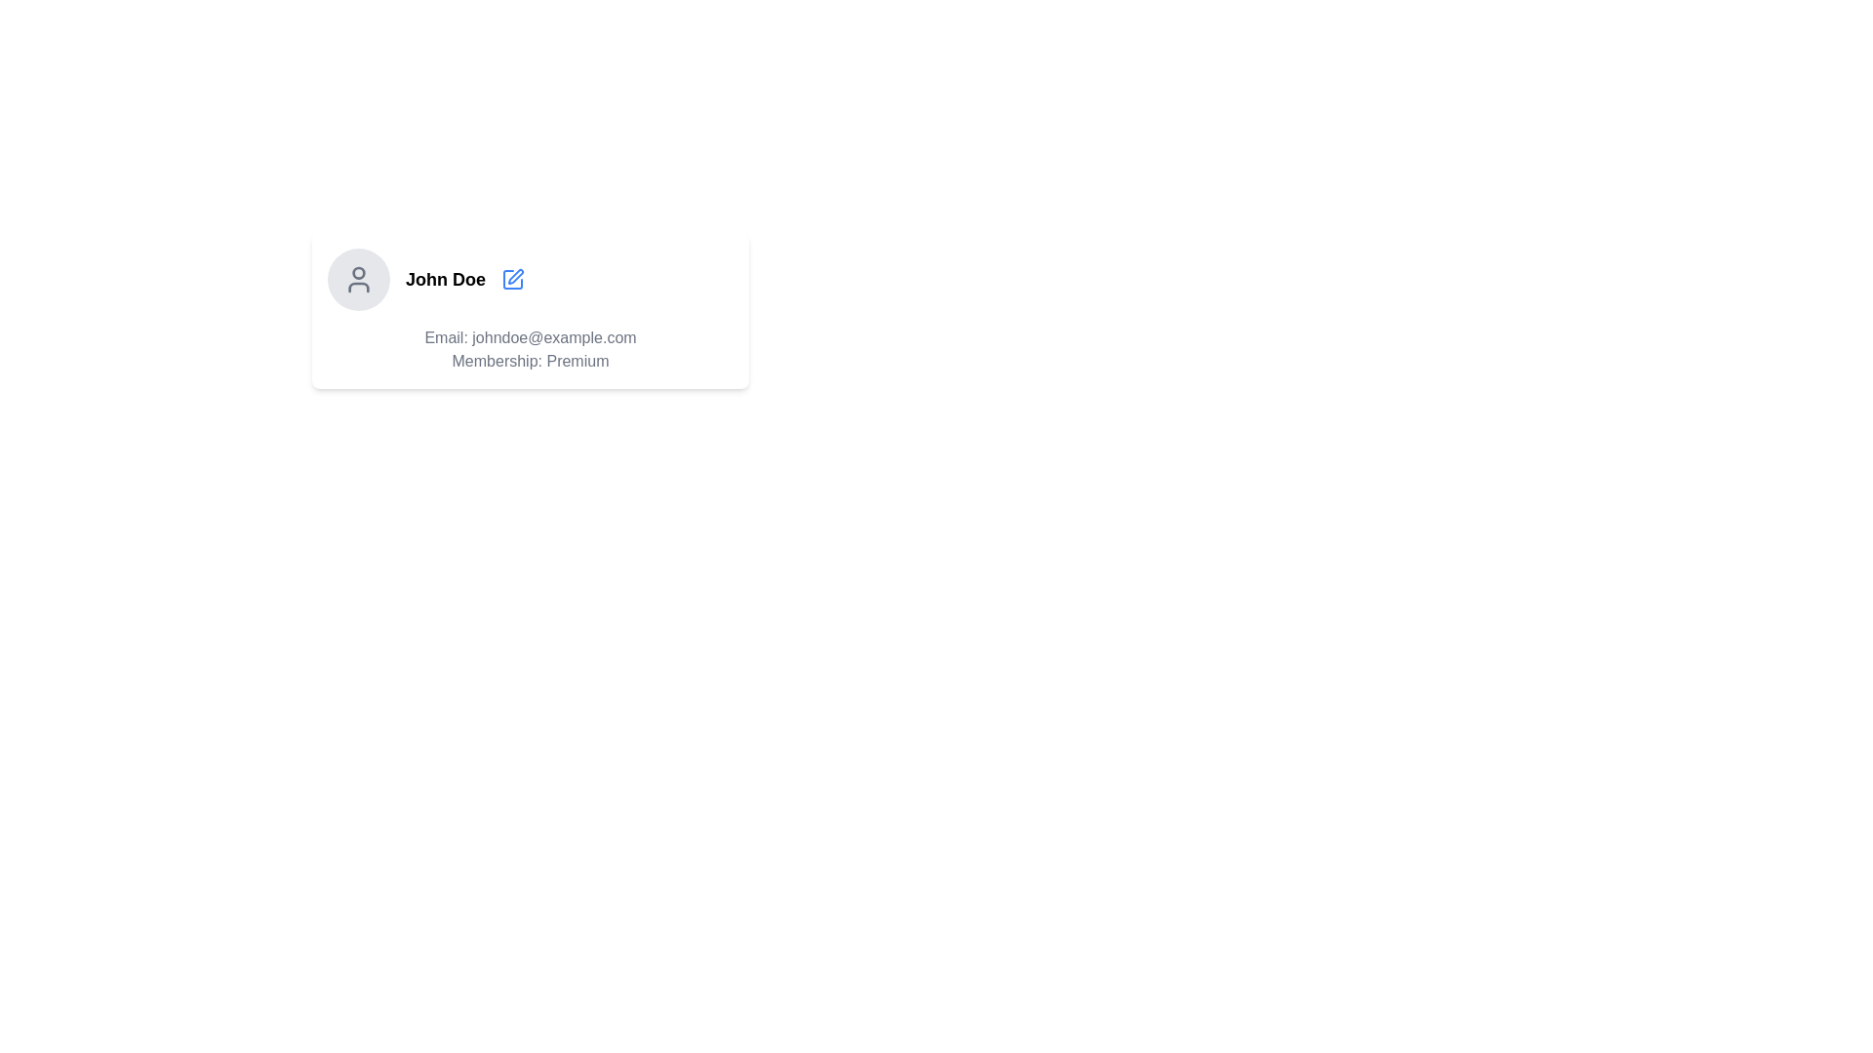 This screenshot has height=1053, width=1873. I want to click on the editing icon (pen or pencil) located to the right of 'John Doe' to initiate editing, so click(515, 277).